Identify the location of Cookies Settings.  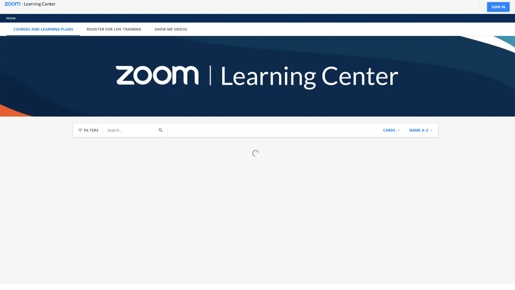
(178, 265).